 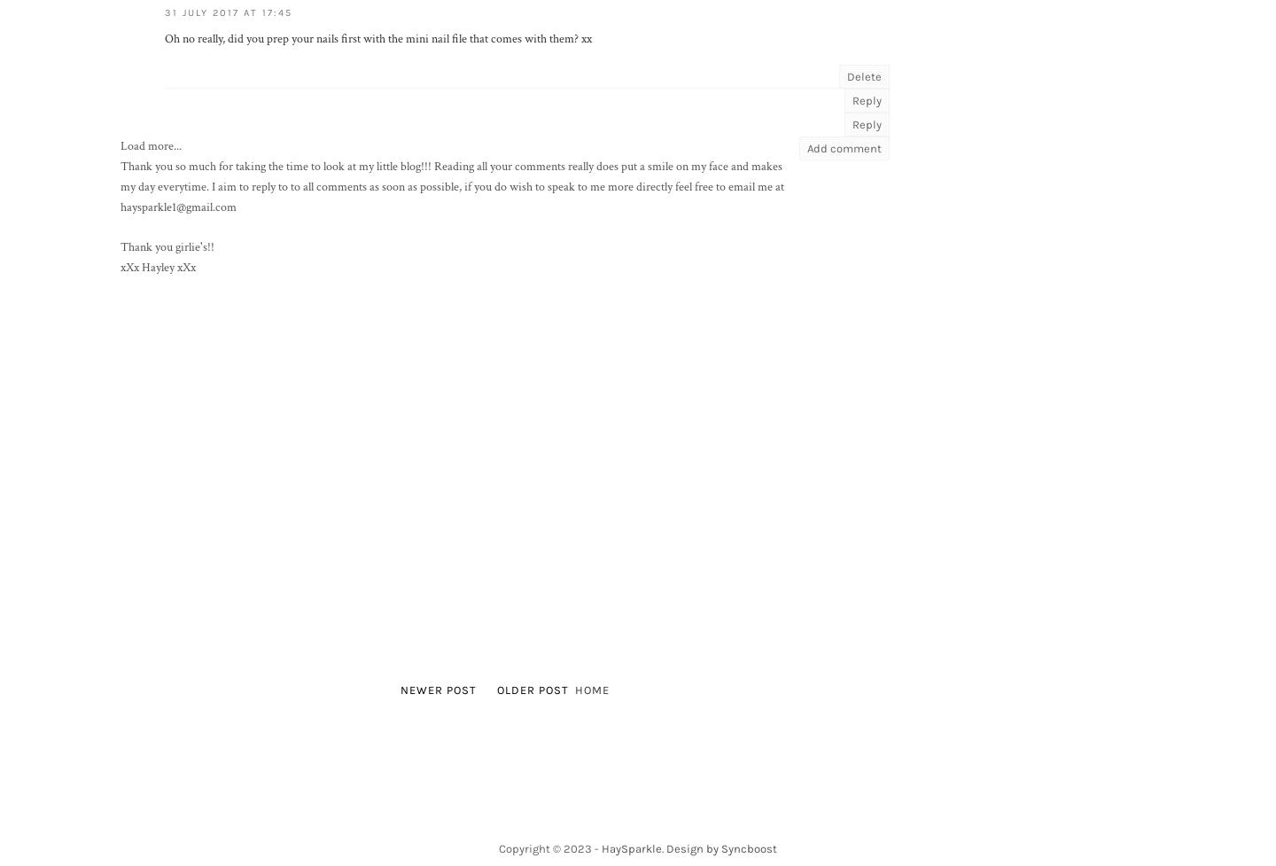 I want to click on 'Newer Post', so click(x=438, y=690).